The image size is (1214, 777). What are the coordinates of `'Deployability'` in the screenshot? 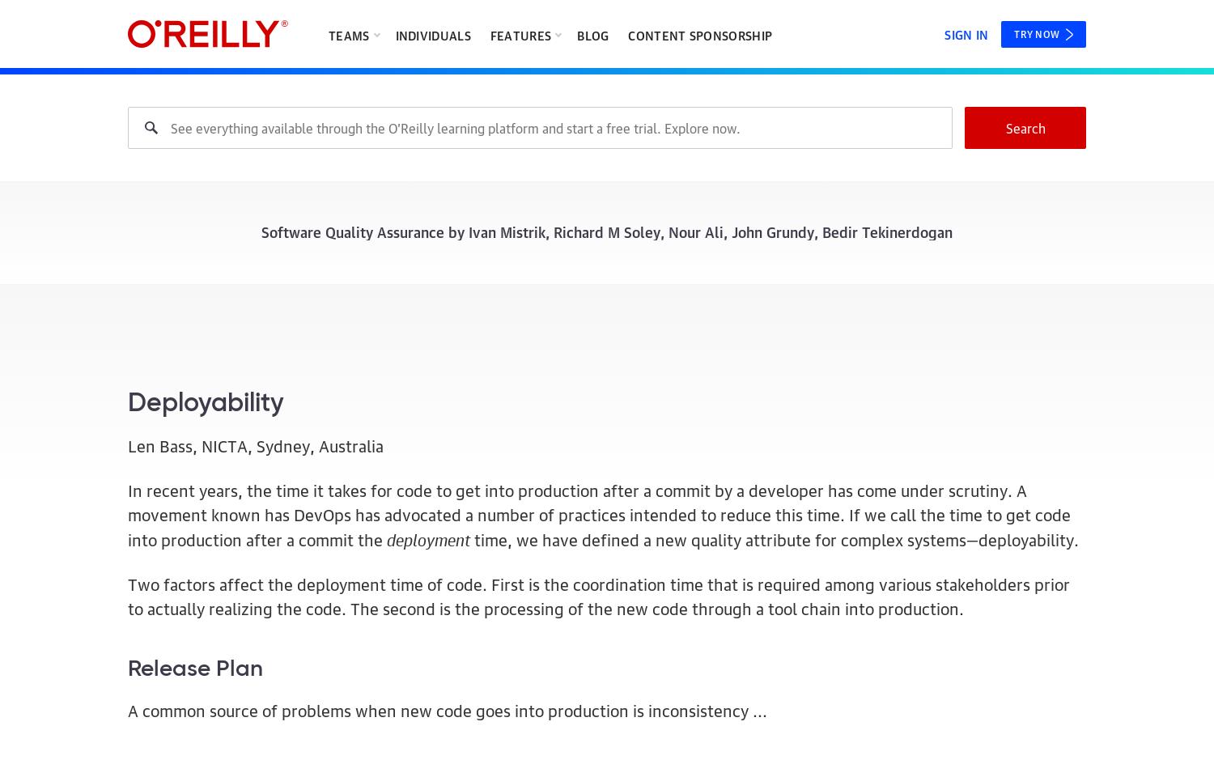 It's located at (206, 402).